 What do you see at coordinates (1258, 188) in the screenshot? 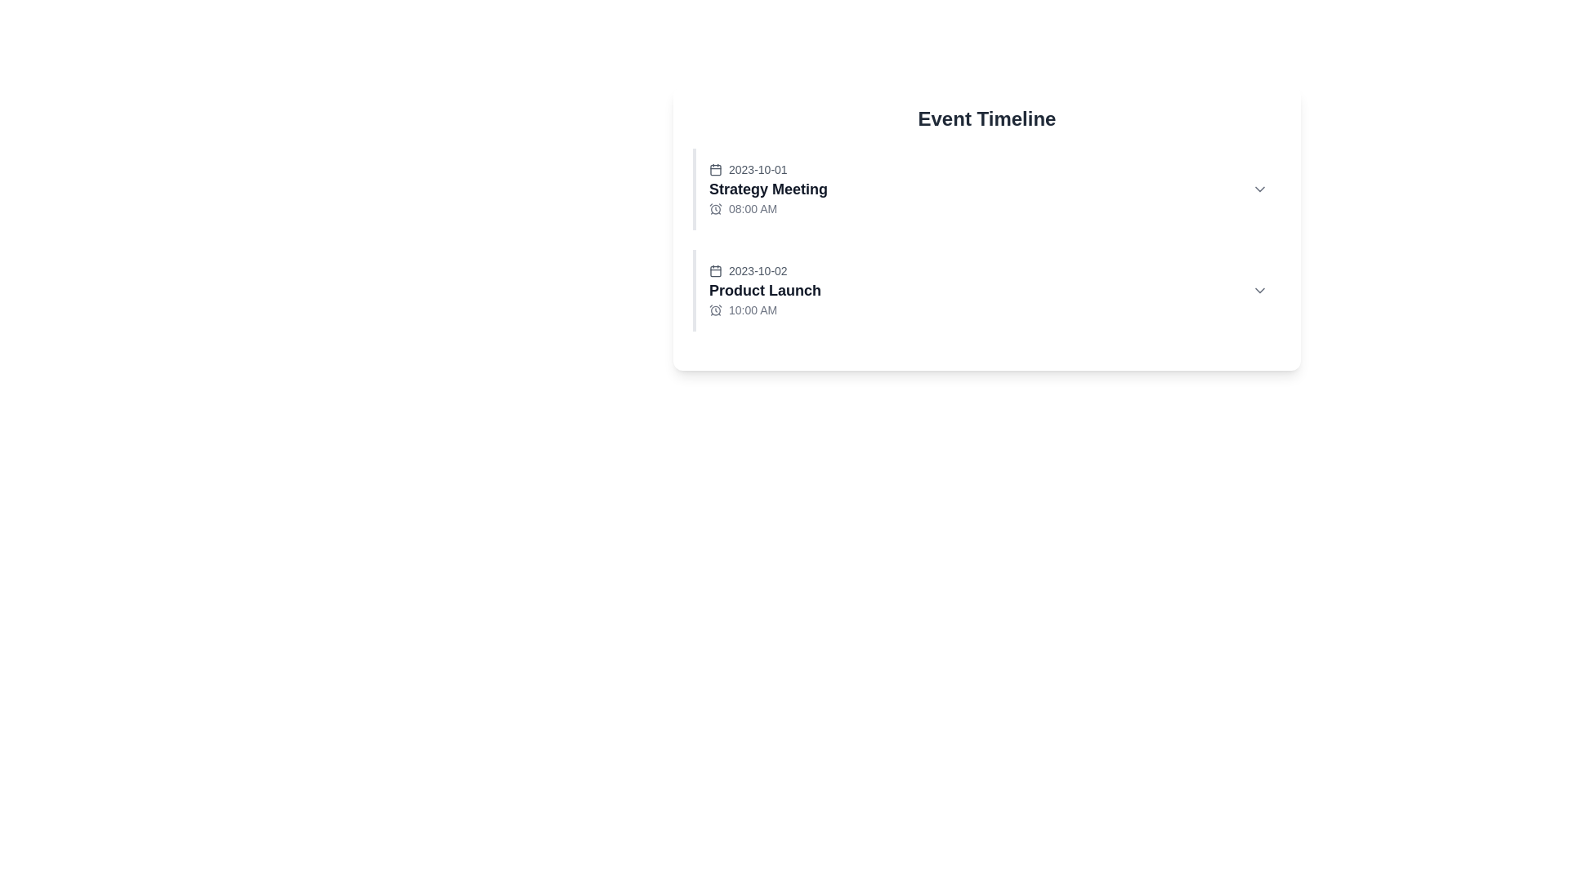
I see `the dropdown toggle icon located at the far right of the '2023-10-01 Strategy Meeting 08:00 AM' text` at bounding box center [1258, 188].